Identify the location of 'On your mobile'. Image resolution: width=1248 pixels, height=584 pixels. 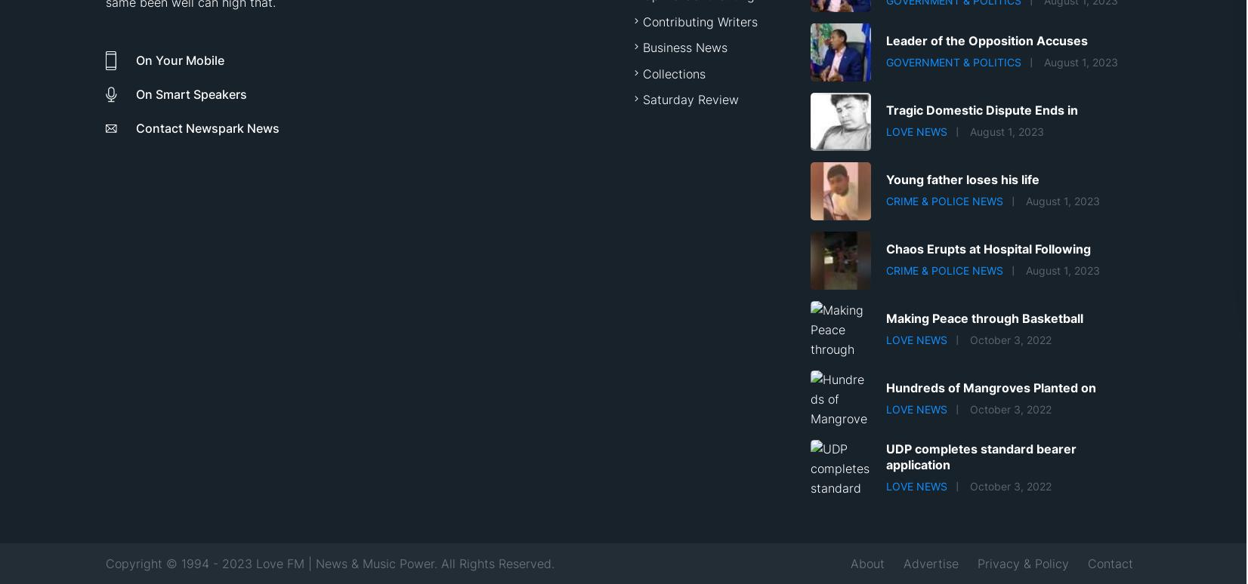
(180, 60).